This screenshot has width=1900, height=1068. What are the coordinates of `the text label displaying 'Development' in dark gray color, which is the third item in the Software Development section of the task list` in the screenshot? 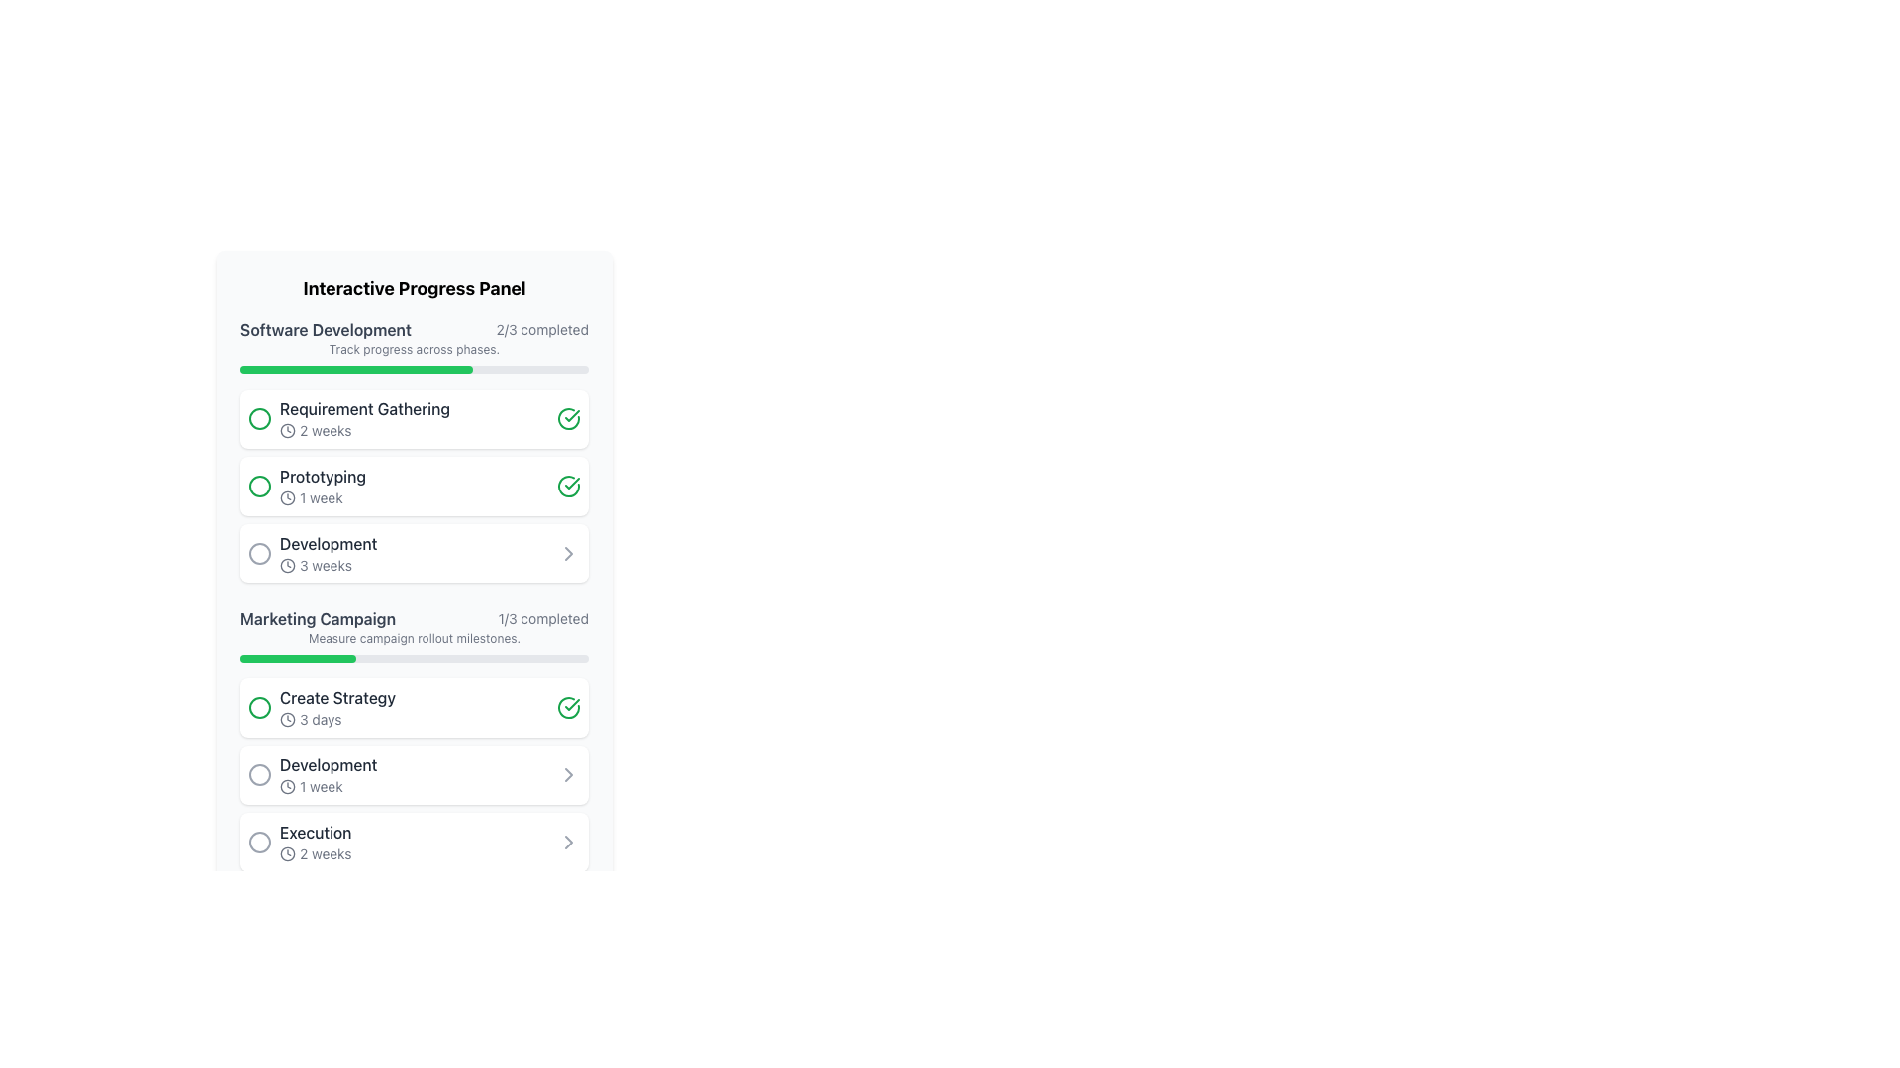 It's located at (329, 544).